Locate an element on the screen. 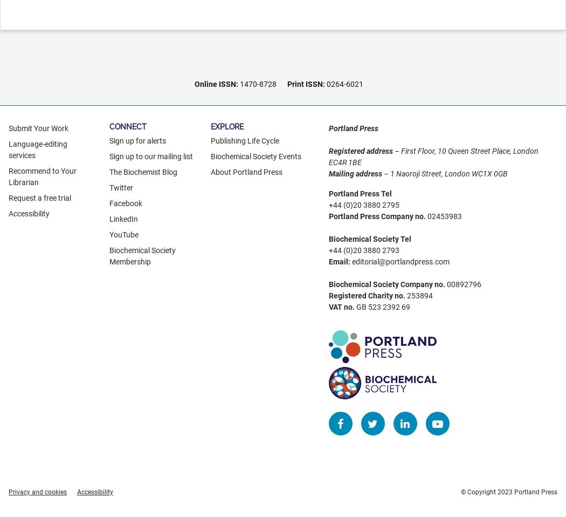 The width and height of the screenshot is (566, 517). 'Biochemical Society Membership' is located at coordinates (108, 255).